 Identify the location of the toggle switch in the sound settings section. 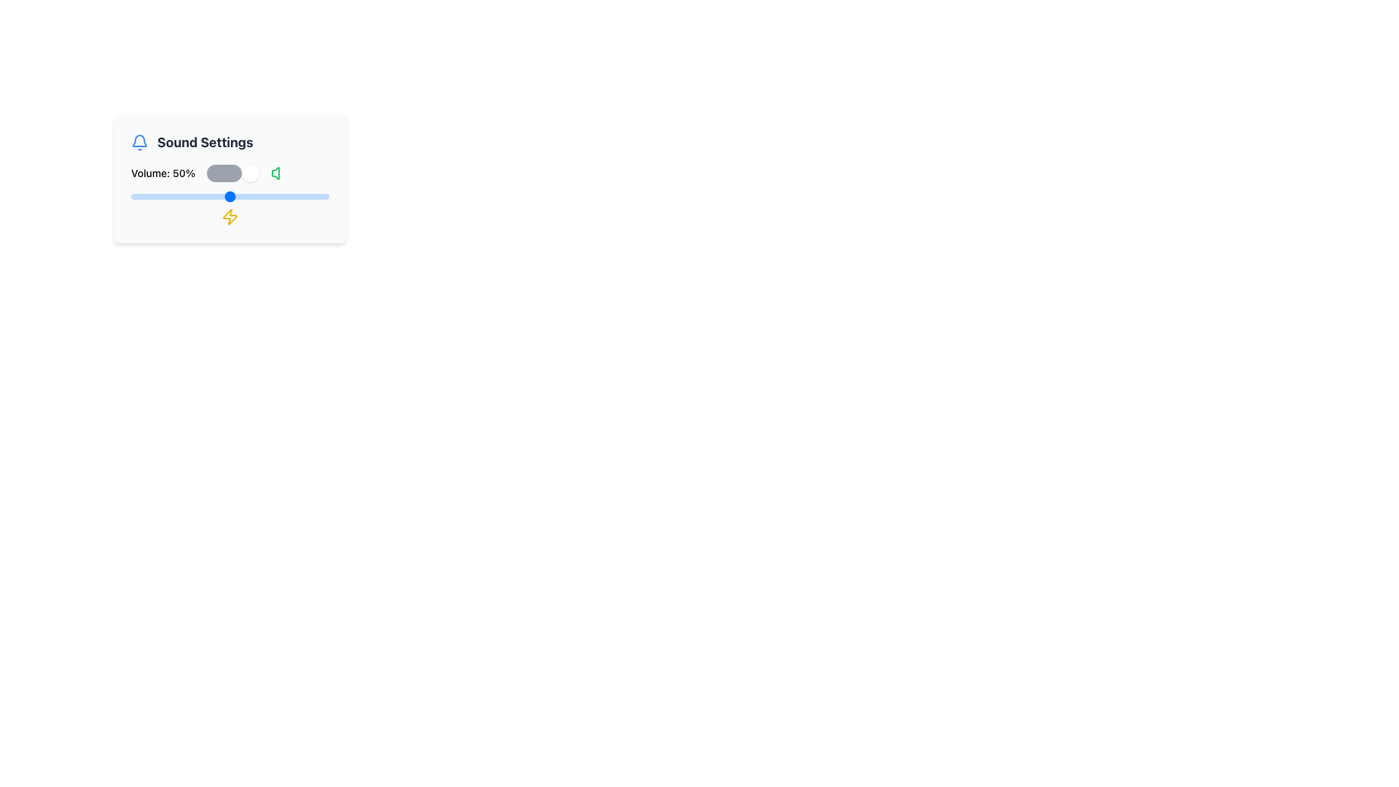
(230, 173).